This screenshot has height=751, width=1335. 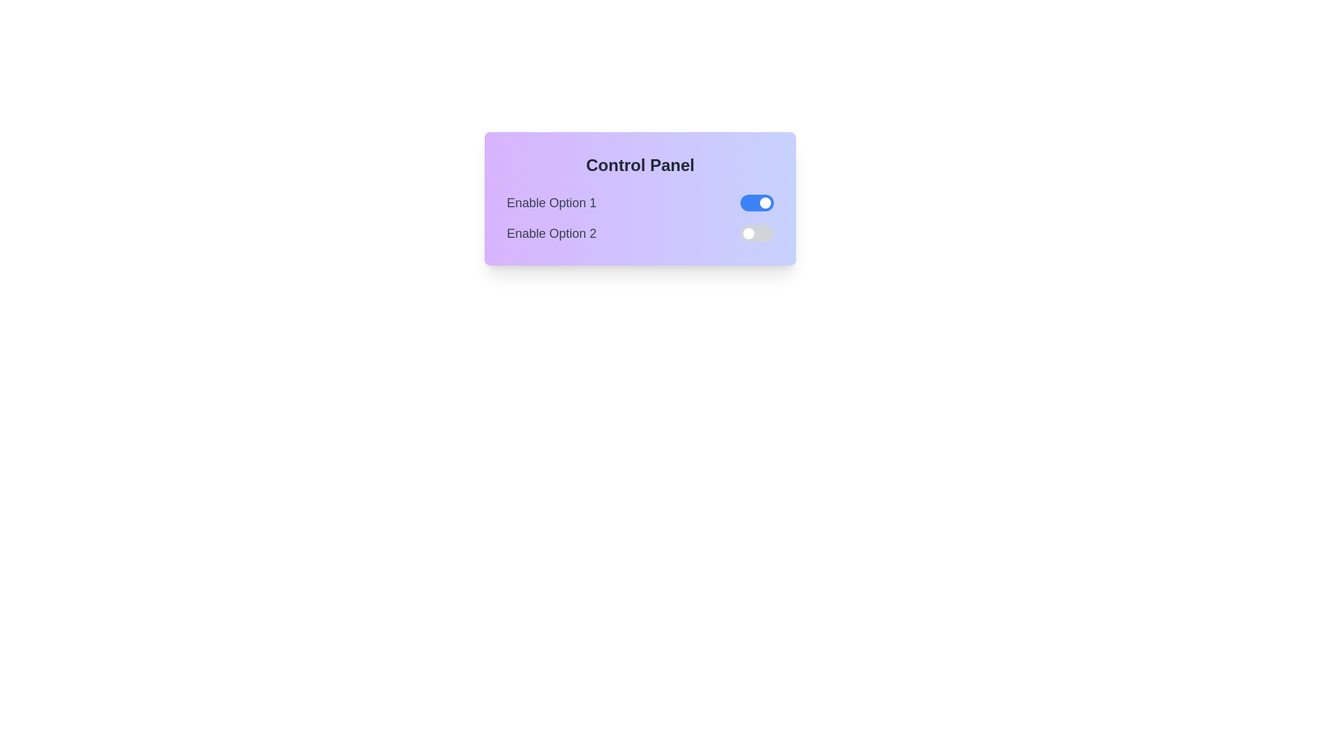 I want to click on the toggle knob located at the rightmost end of the toggle switch for 'Enable Option 1', so click(x=764, y=203).